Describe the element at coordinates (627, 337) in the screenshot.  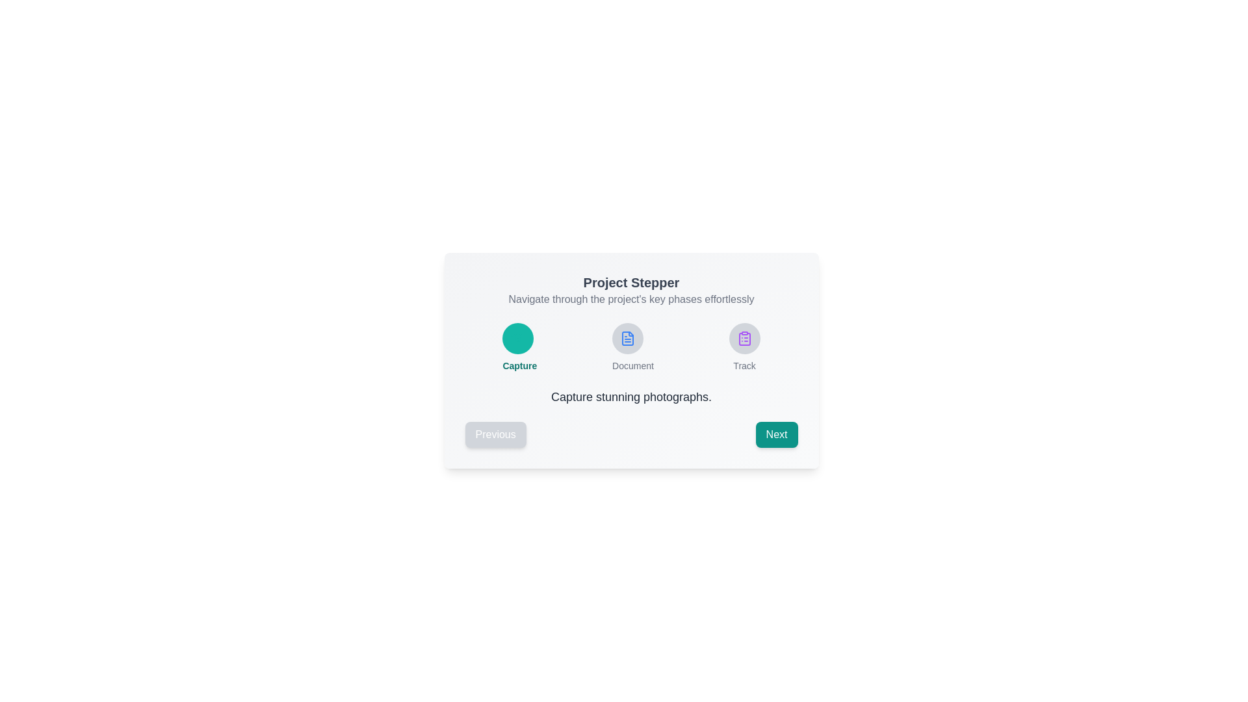
I see `the step icon for Document` at that location.